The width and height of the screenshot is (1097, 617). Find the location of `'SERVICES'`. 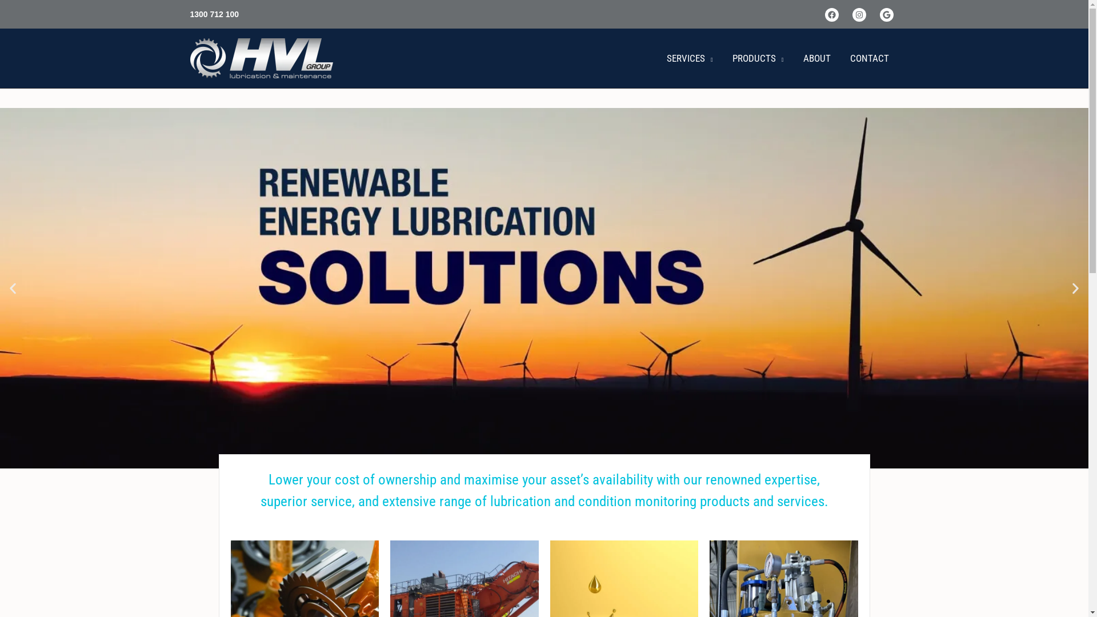

'SERVICES' is located at coordinates (689, 58).